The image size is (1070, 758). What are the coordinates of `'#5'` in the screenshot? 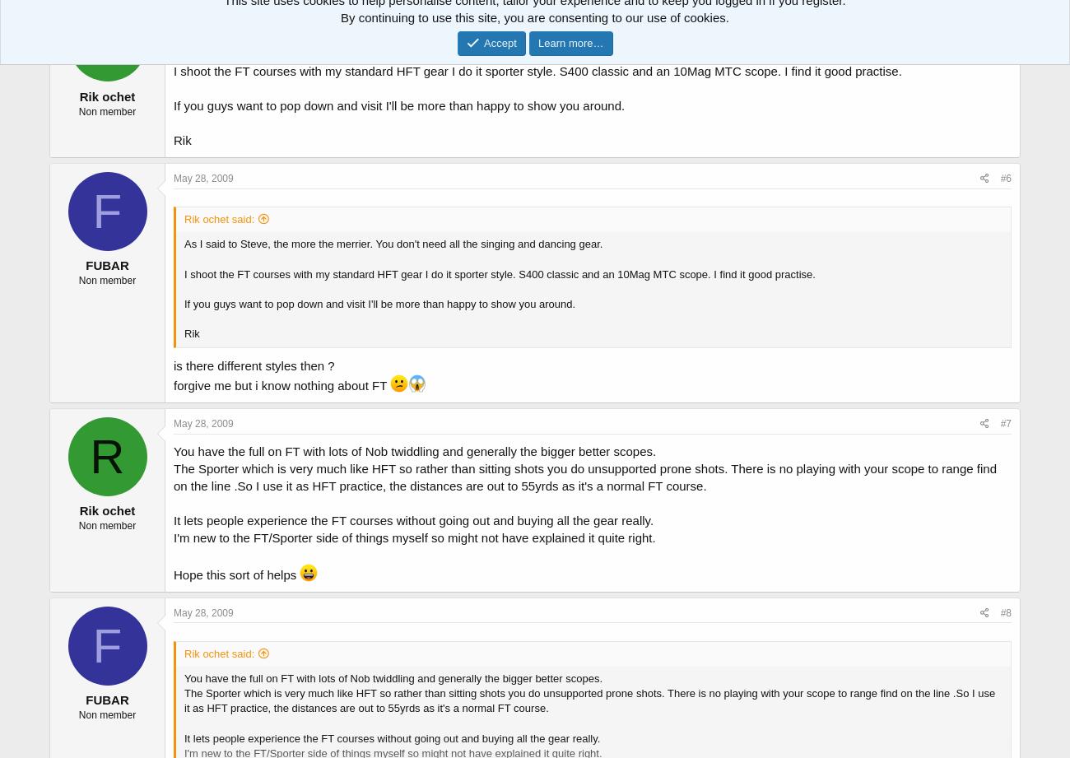 It's located at (1005, 8).